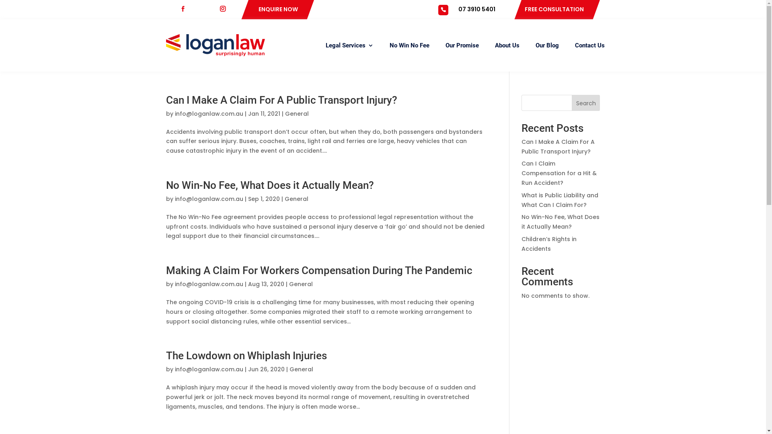 This screenshot has height=434, width=772. What do you see at coordinates (245, 355) in the screenshot?
I see `'The Lowdown on Whiplash Injuries'` at bounding box center [245, 355].